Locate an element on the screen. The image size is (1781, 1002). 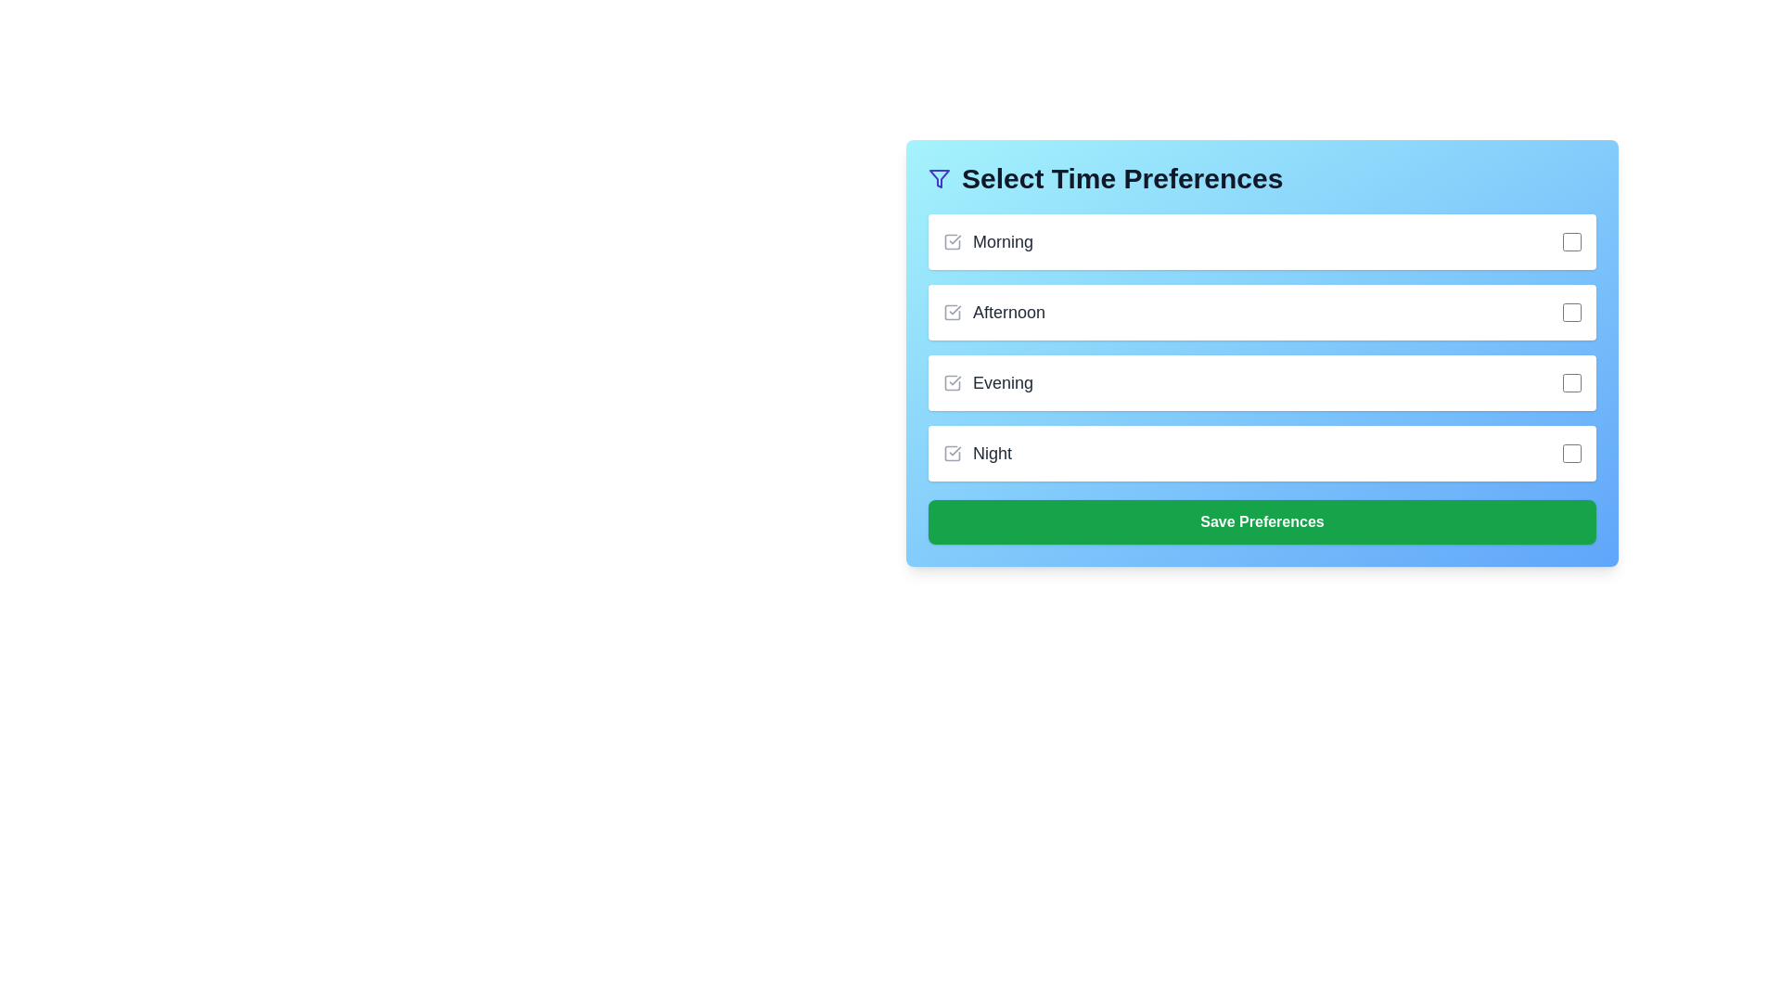
the text label displaying 'Morning' in bold, dark gray font, which is located adjacent to a checkbox in the 'Select Time Preferences' settings menu is located at coordinates (1002, 241).